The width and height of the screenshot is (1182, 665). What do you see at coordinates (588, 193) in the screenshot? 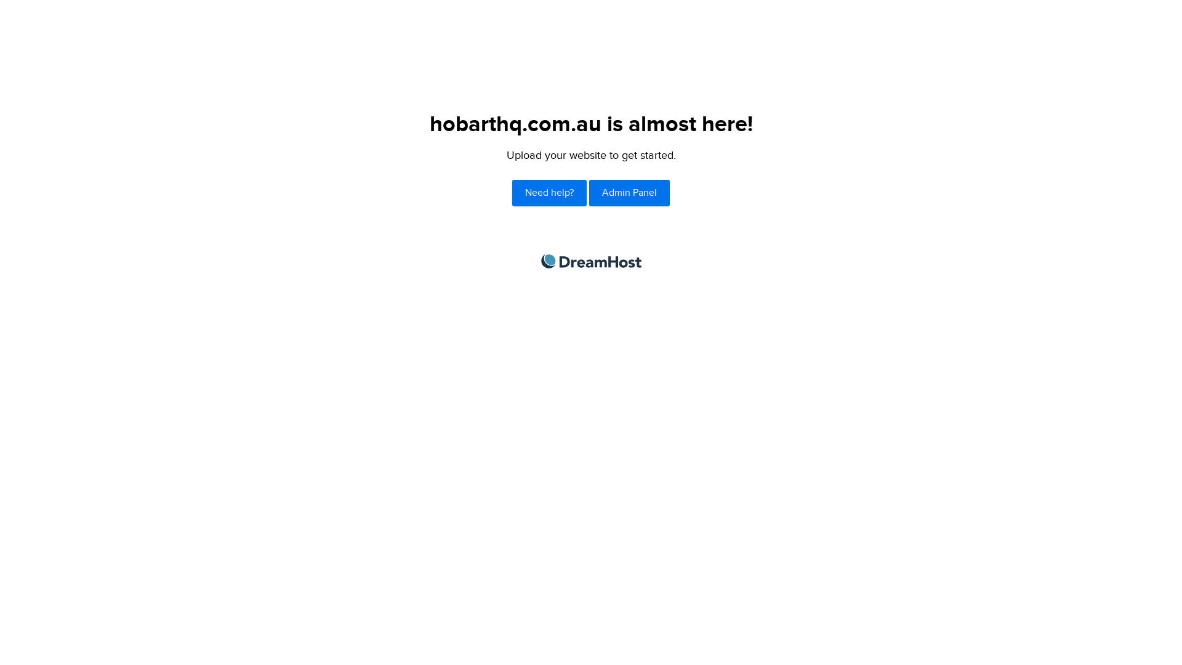
I see `'Admin Panel'` at bounding box center [588, 193].